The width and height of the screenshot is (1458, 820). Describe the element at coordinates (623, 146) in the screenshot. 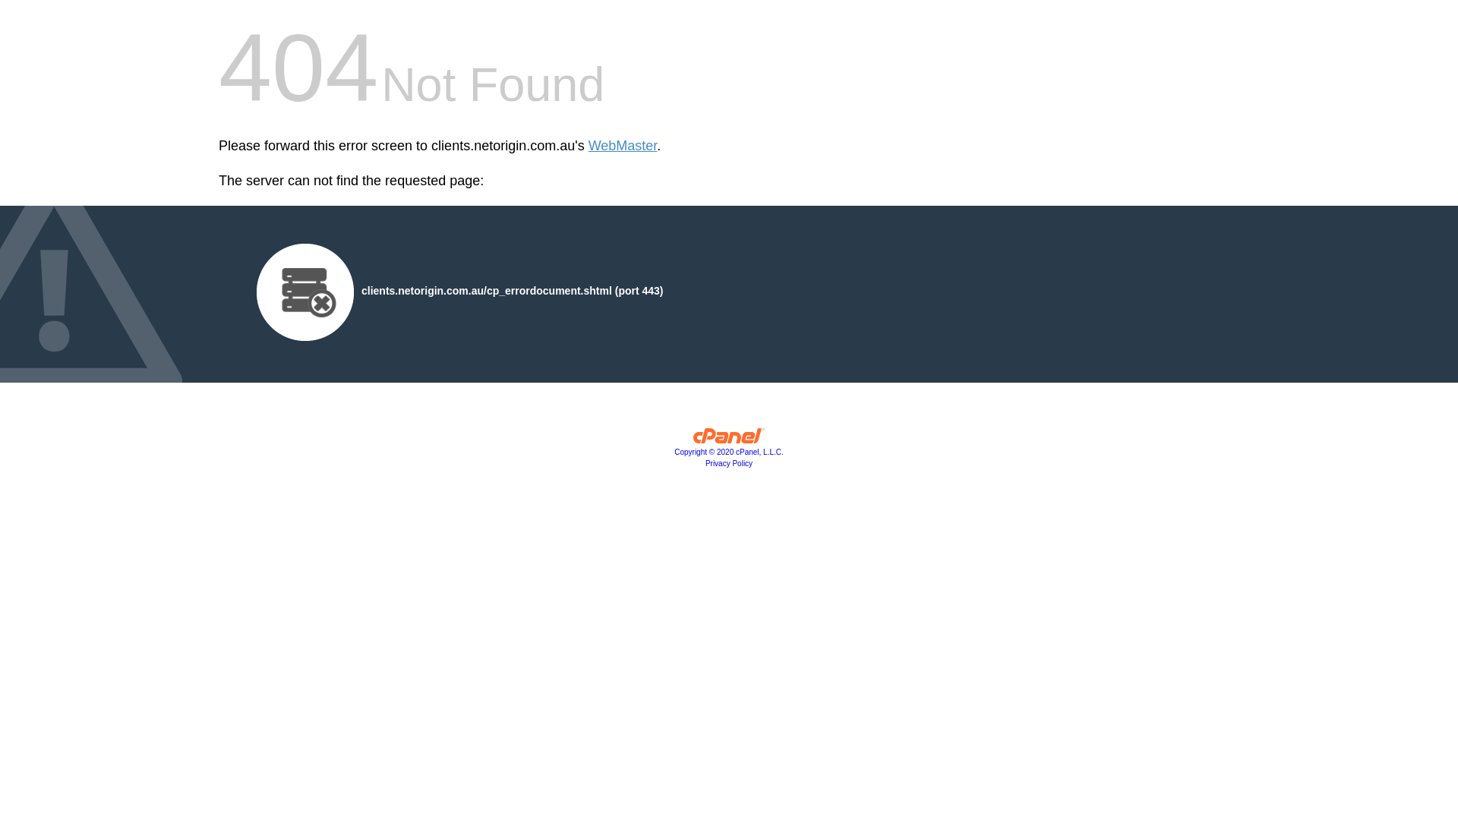

I see `'WebMaster'` at that location.